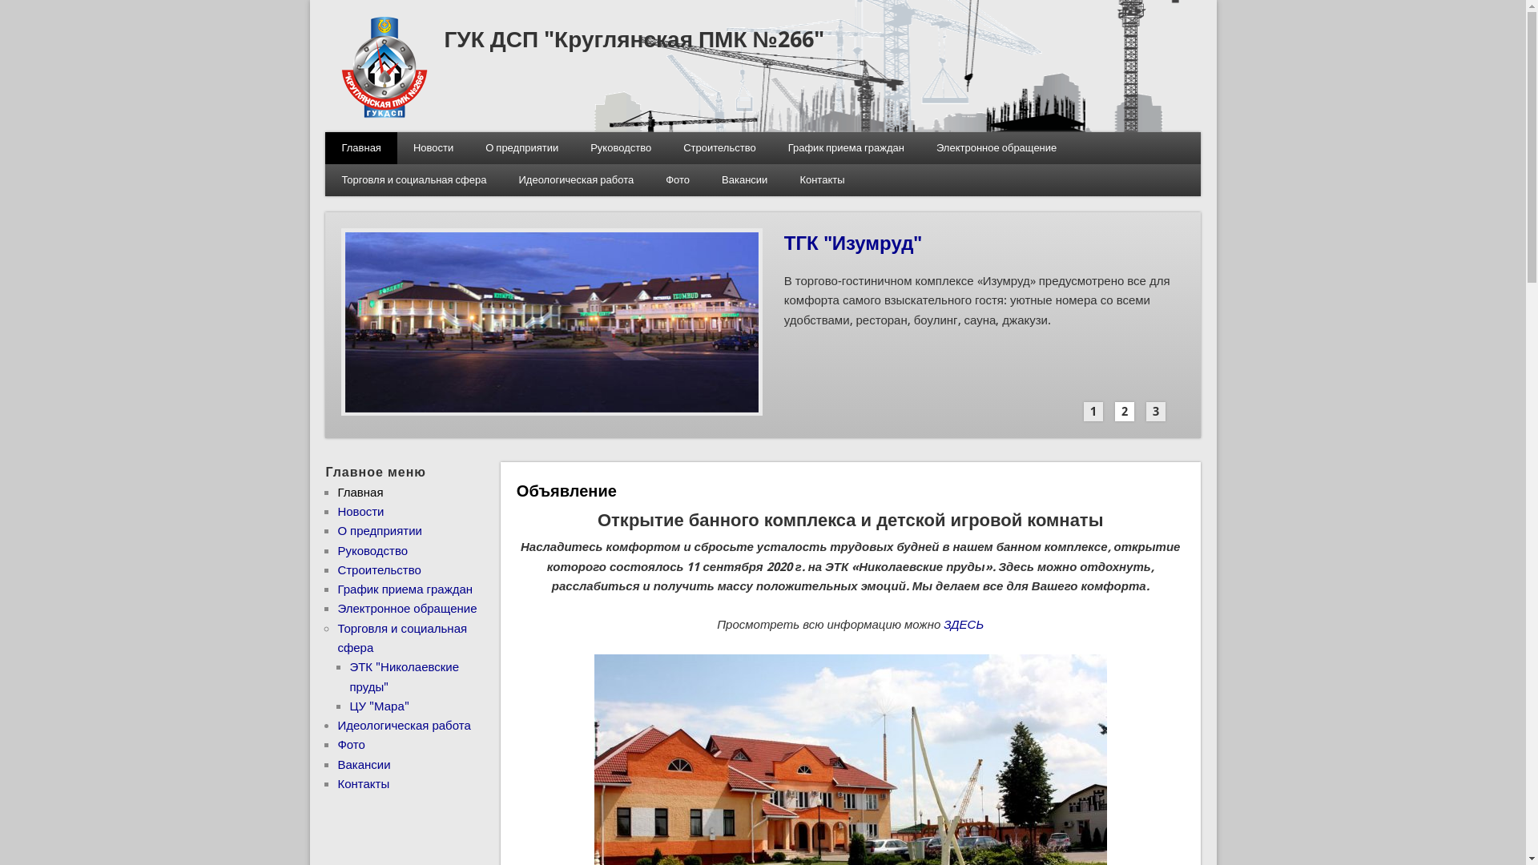 This screenshot has width=1538, height=865. What do you see at coordinates (1123, 410) in the screenshot?
I see `'2'` at bounding box center [1123, 410].